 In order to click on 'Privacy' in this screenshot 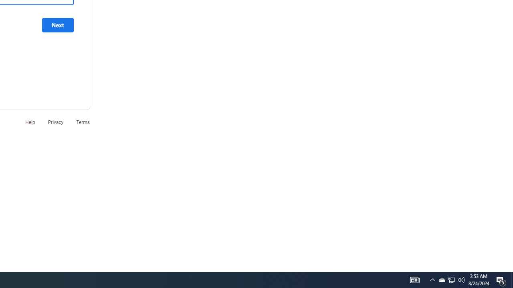, I will do `click(55, 122)`.